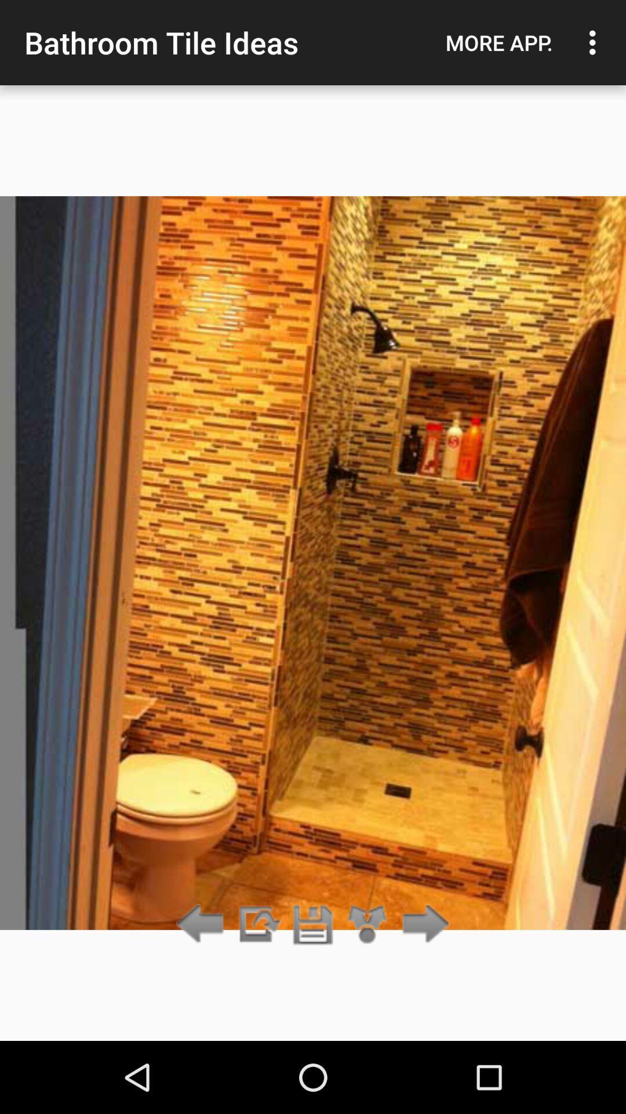 The height and width of the screenshot is (1114, 626). Describe the element at coordinates (367, 924) in the screenshot. I see `share to others` at that location.